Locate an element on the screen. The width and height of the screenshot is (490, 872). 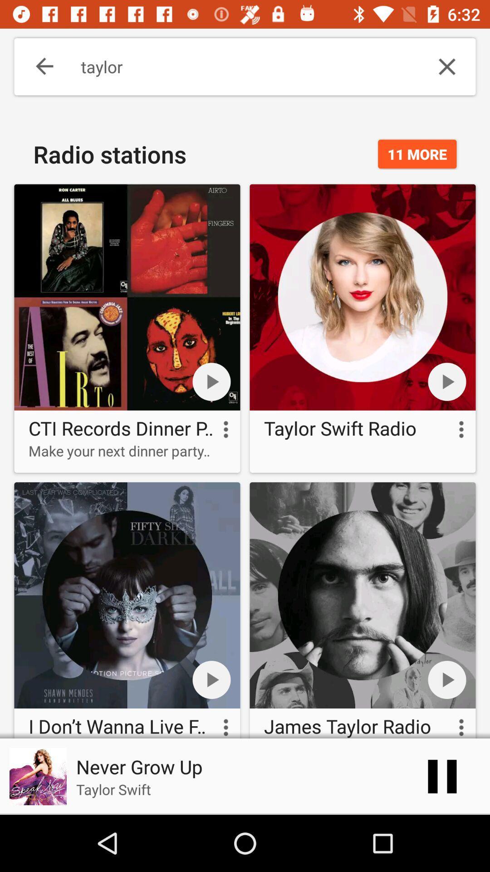
the item next to the radio stations item is located at coordinates (417, 154).